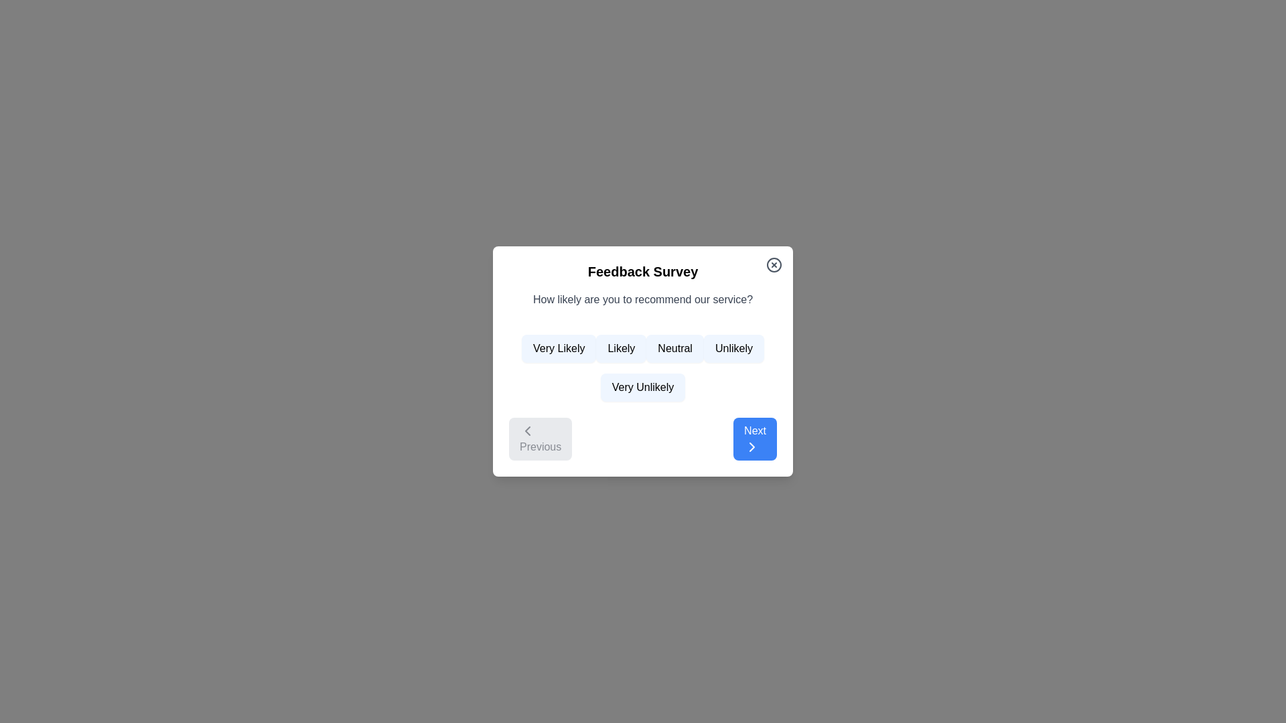 The image size is (1286, 723). Describe the element at coordinates (559, 347) in the screenshot. I see `the first button in the feedback survey, which represents 'Very Likely', to change its appearance` at that location.